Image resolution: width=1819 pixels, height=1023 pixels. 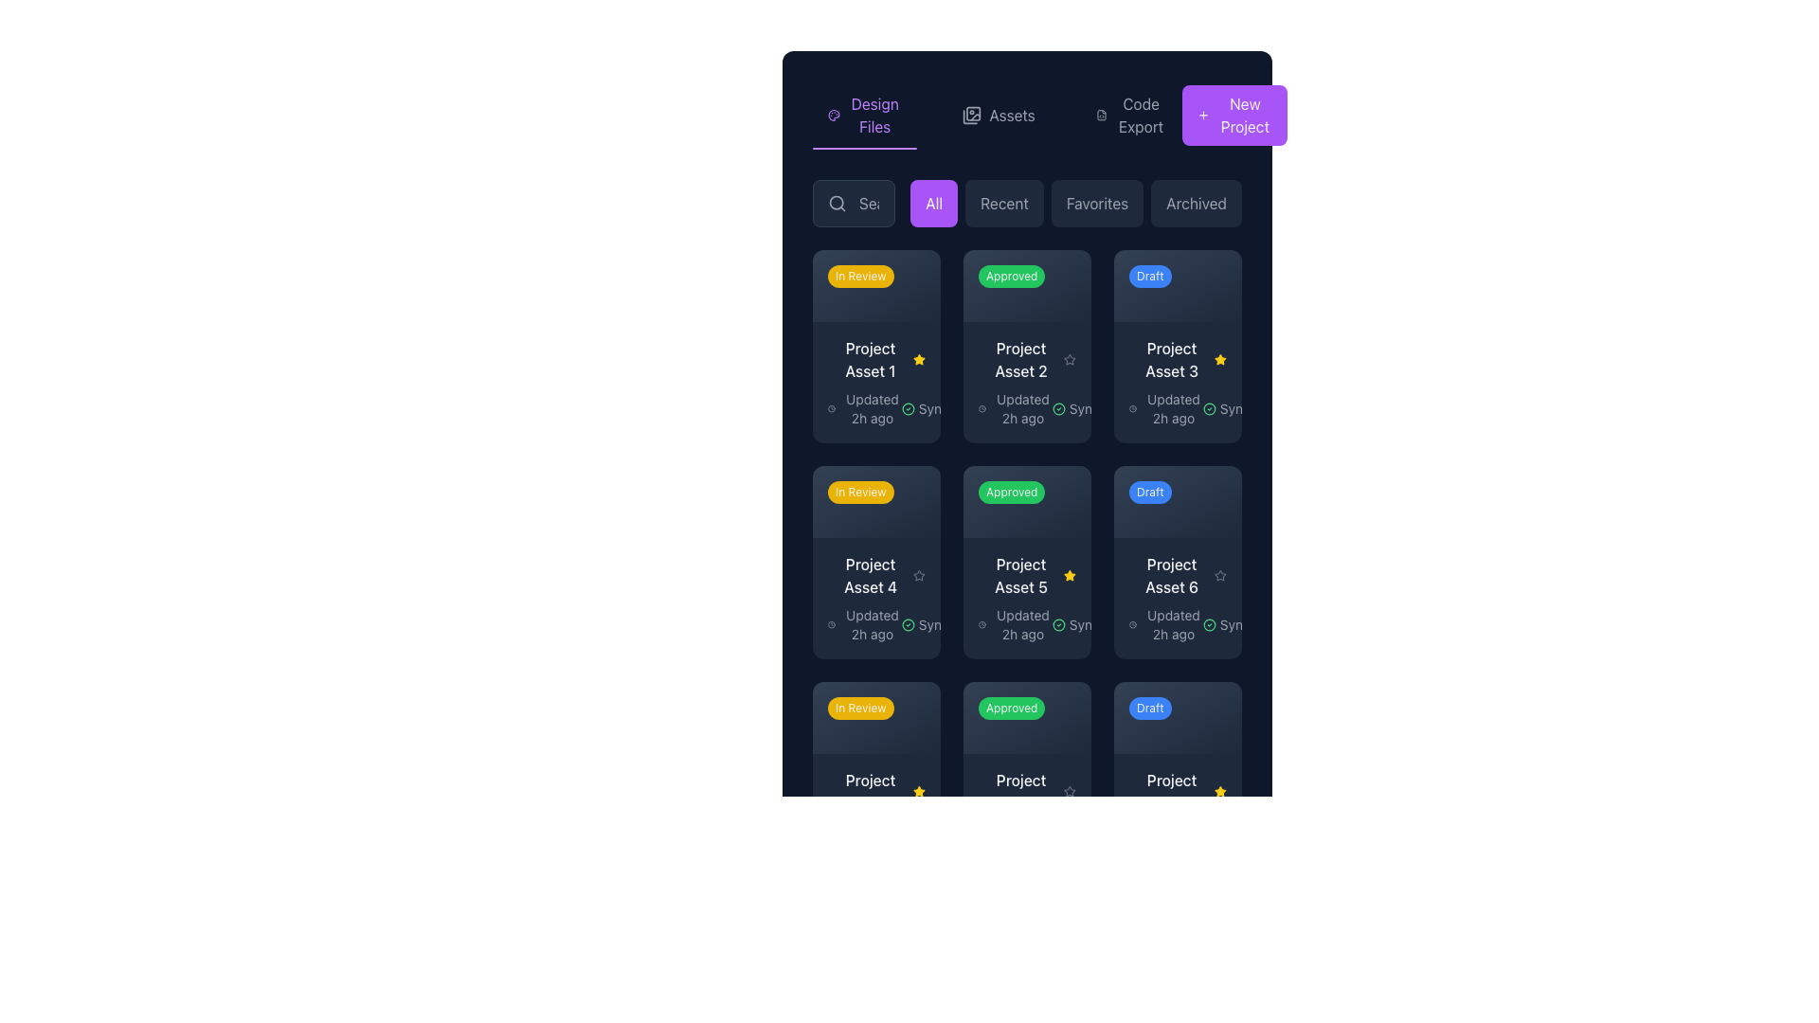 What do you see at coordinates (870, 791) in the screenshot?
I see `the Text Label that displays the name or title of a project asset, located in the third row and first column of the project assets grid` at bounding box center [870, 791].